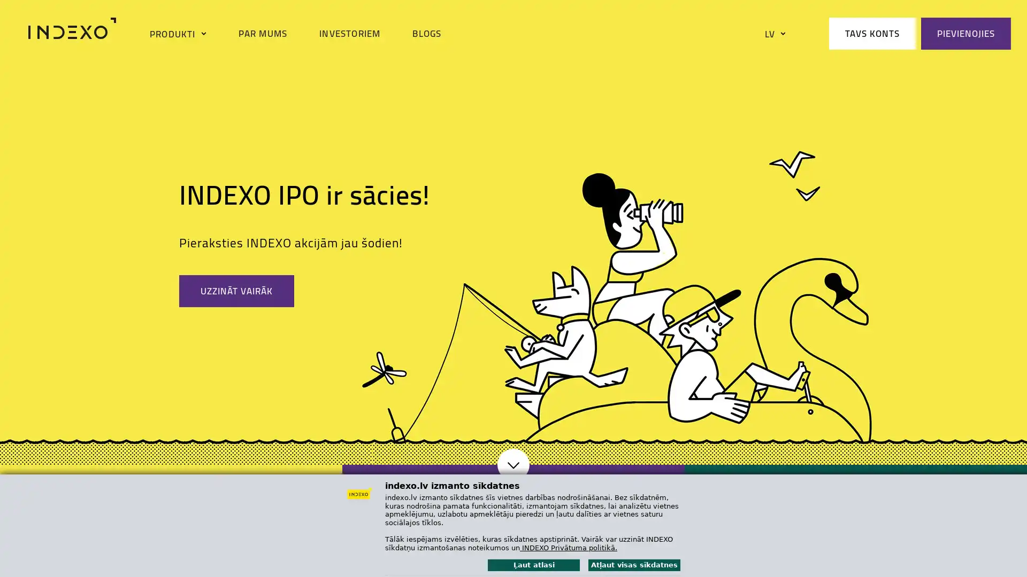  I want to click on PRODUKTI, so click(178, 33).